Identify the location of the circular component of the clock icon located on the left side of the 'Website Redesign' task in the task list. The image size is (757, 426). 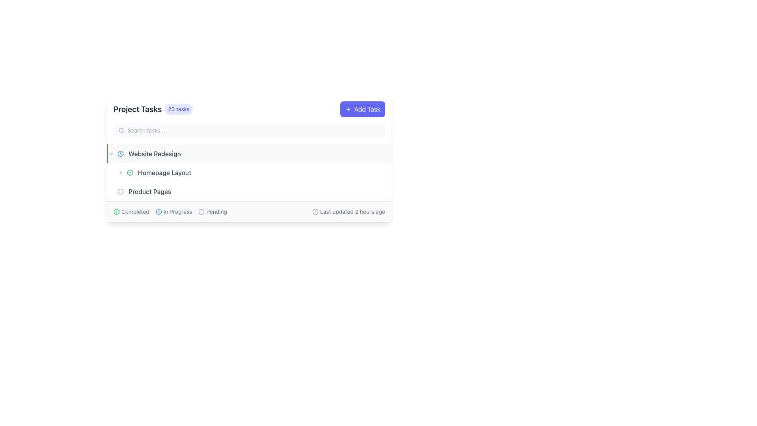
(120, 153).